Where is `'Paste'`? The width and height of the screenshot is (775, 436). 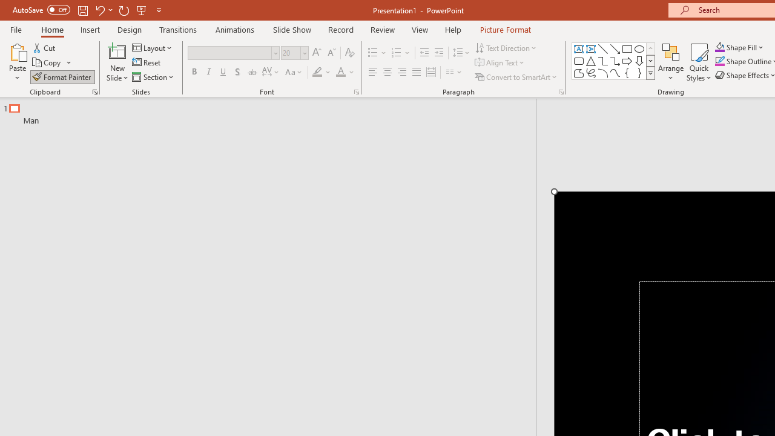
'Paste' is located at coordinates (17, 51).